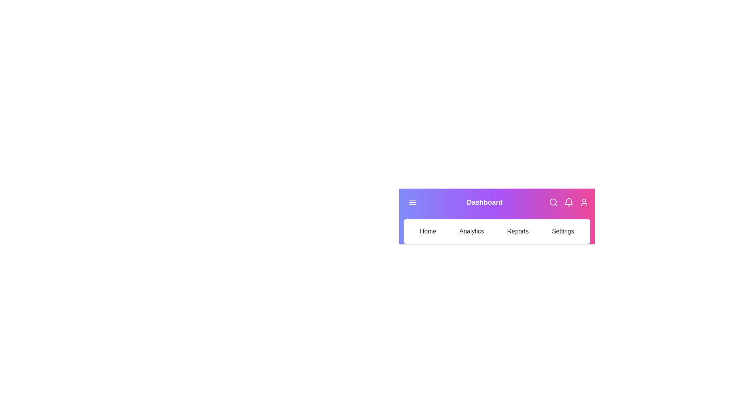  What do you see at coordinates (563, 231) in the screenshot?
I see `the 'Settings' tab in the navigation bar` at bounding box center [563, 231].